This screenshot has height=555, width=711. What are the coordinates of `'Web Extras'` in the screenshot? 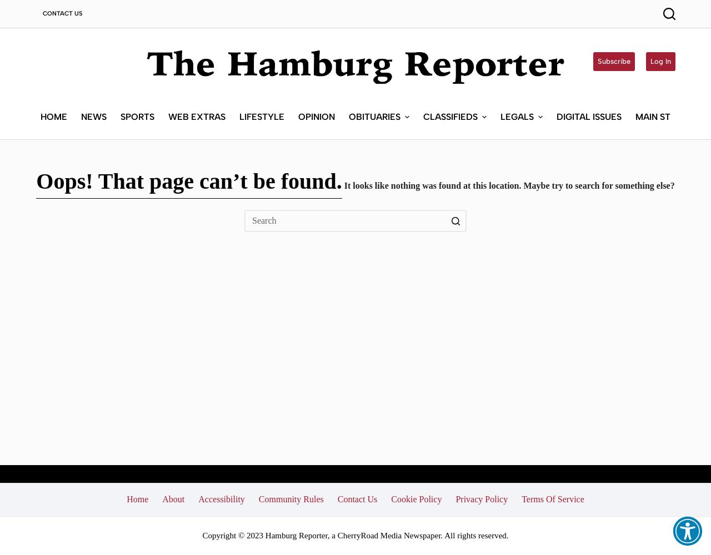 It's located at (196, 115).